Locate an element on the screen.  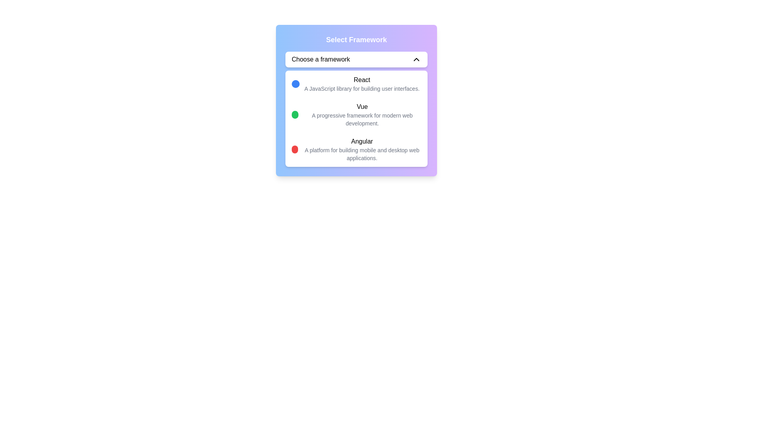
the visual indicator for the 'Angular' framework option located in the bottom entry of the dropdown menu list, positioned before the text 'Angular' and 'A platform for building mobile and desktop web applications.' is located at coordinates (295, 149).